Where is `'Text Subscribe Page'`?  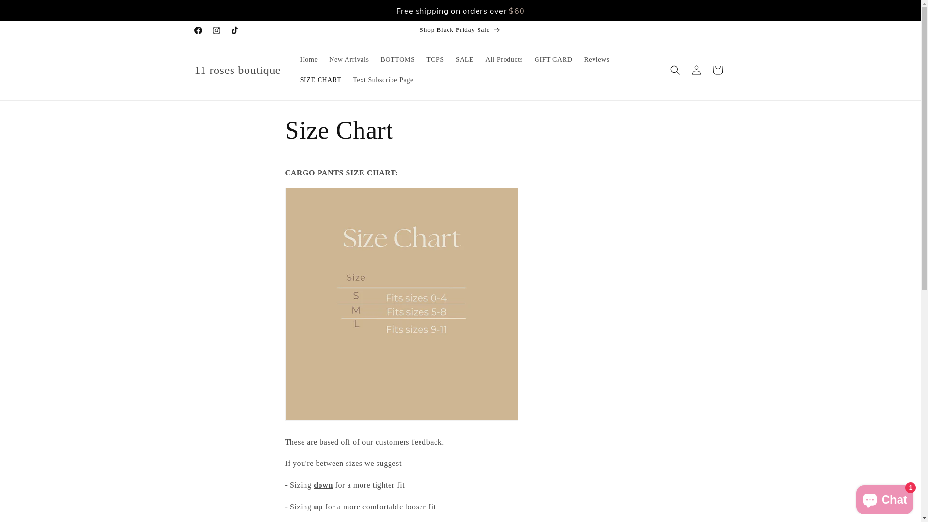
'Text Subscribe Page' is located at coordinates (382, 79).